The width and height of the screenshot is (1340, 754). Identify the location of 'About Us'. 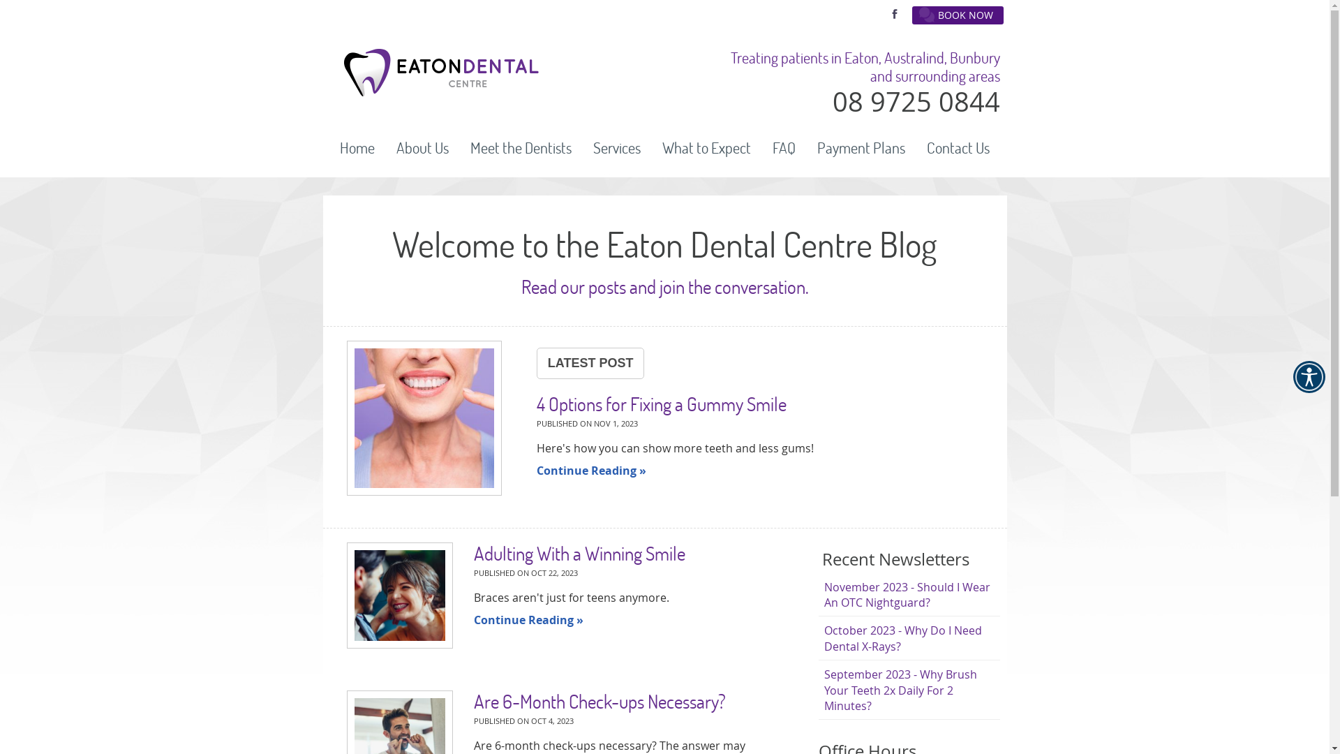
(422, 148).